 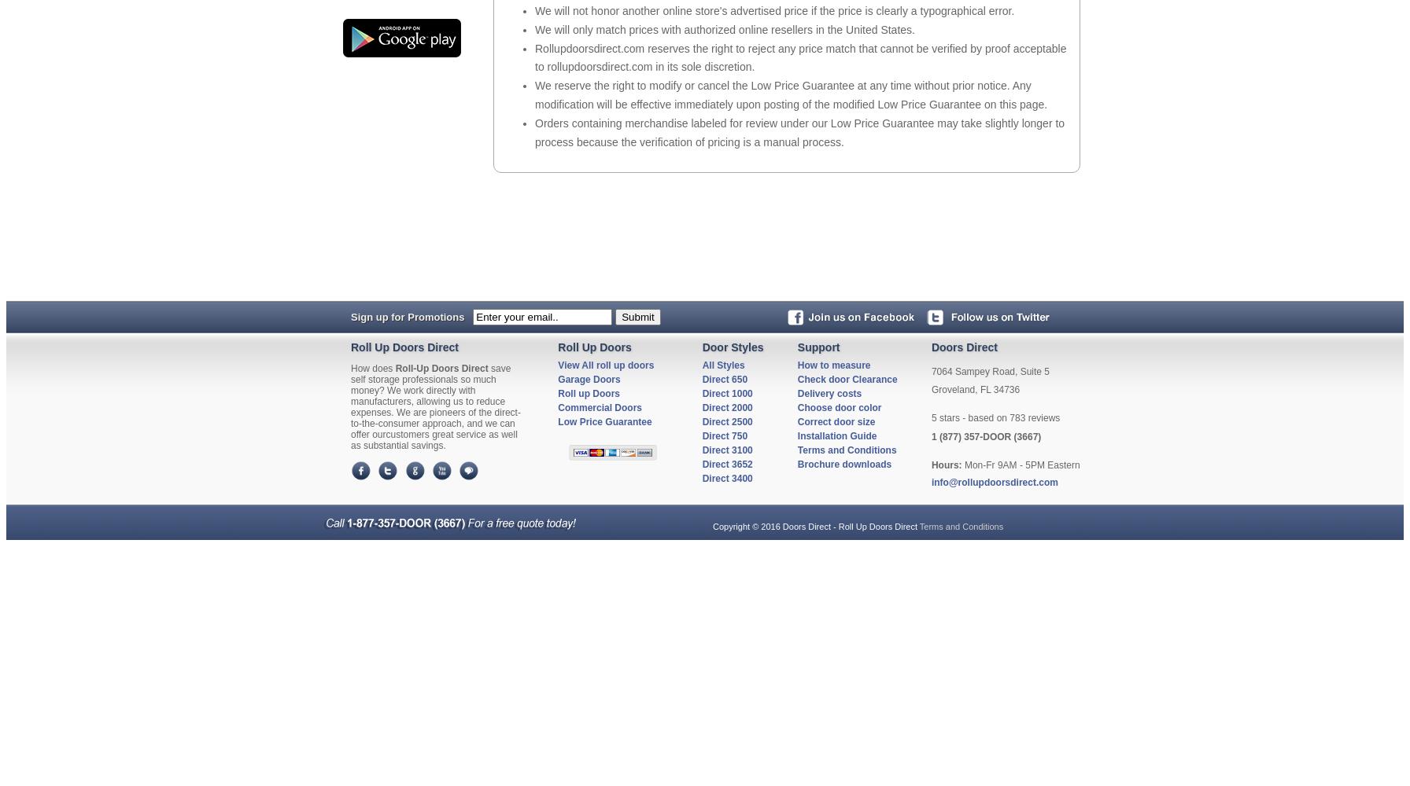 I want to click on 'How does', so click(x=372, y=367).